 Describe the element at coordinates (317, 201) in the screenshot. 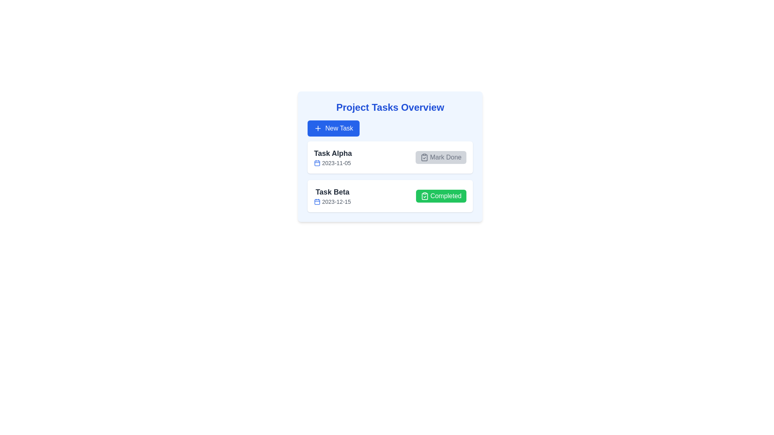

I see `the blue calendar icon located to the left of the 'Task Beta' entry, adjacent to the date display '2023-12-15'` at that location.